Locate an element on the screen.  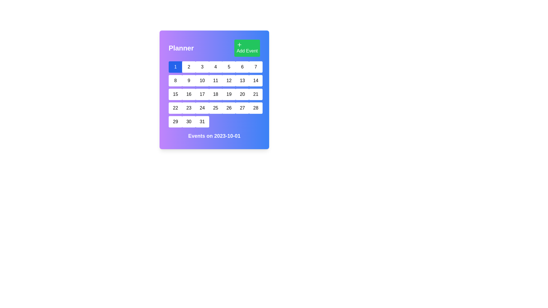
the button representing the 14th day of the month in the calendar view is located at coordinates (255, 80).